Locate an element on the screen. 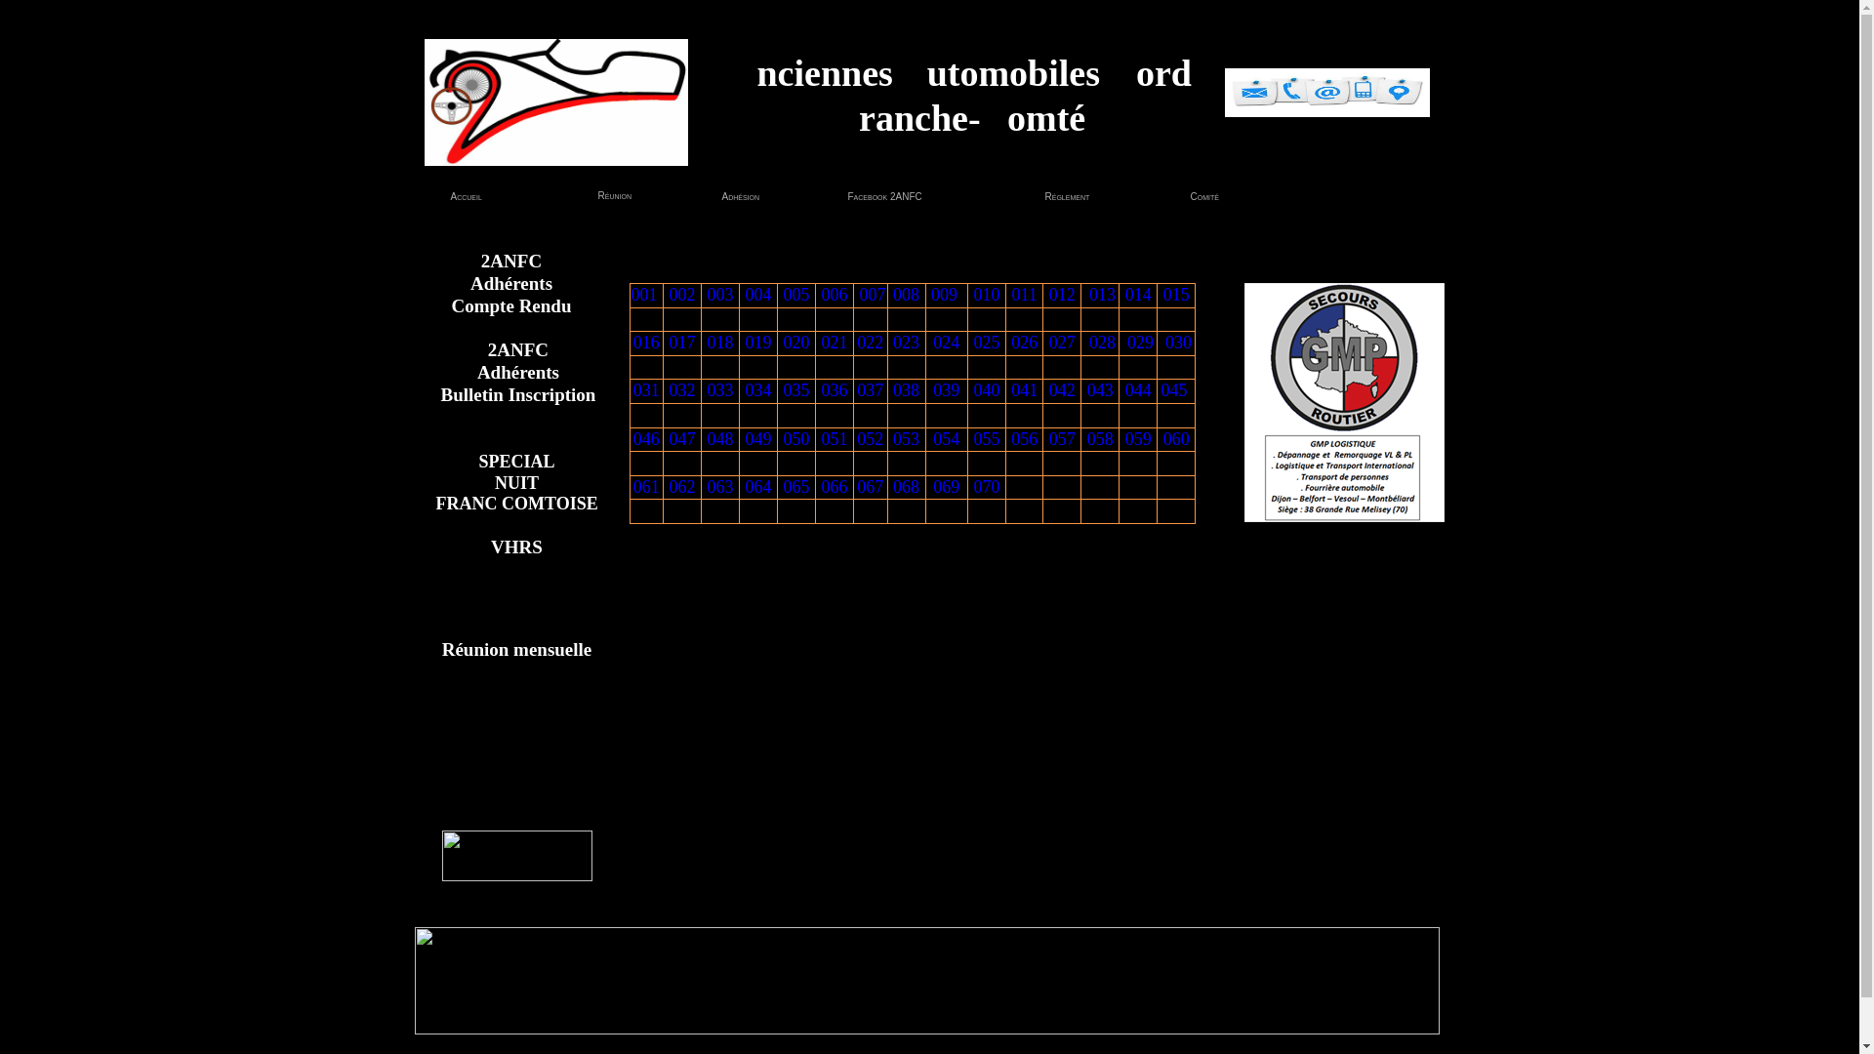 The width and height of the screenshot is (1874, 1054). '022' is located at coordinates (869, 342).